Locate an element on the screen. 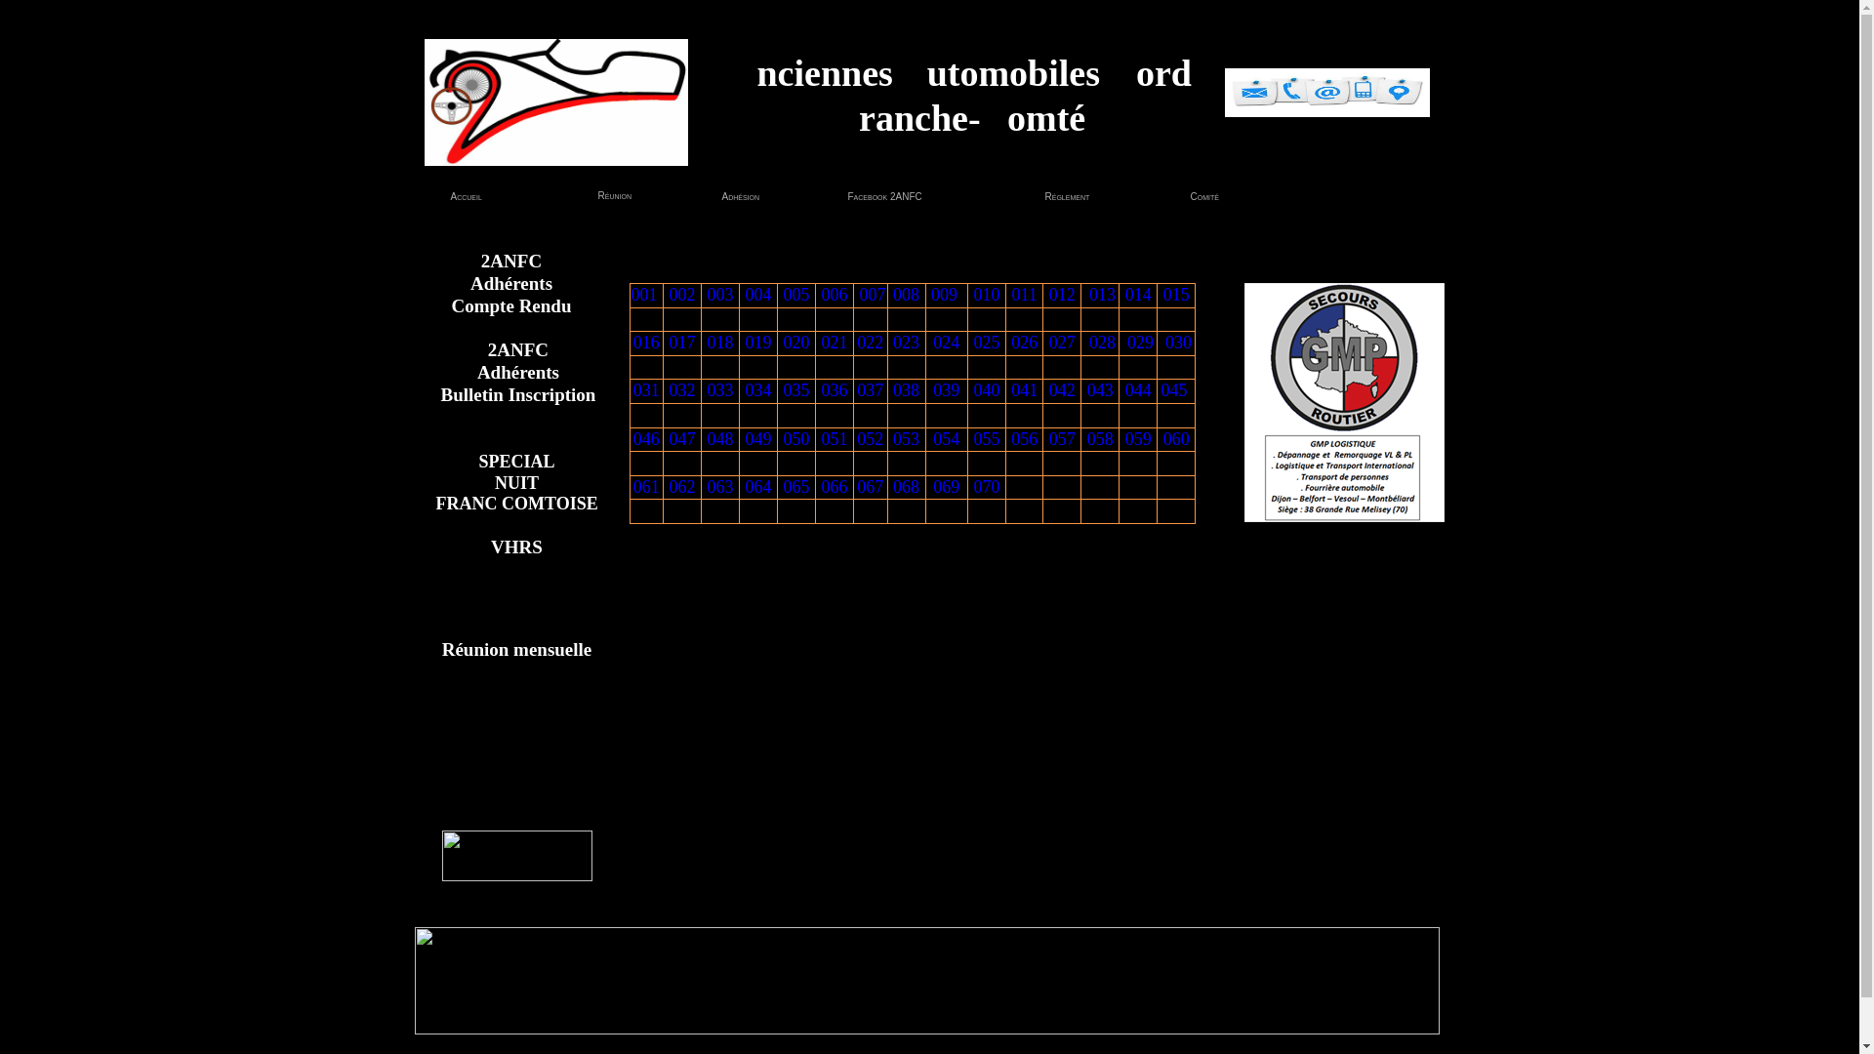 The width and height of the screenshot is (1874, 1054). '022' is located at coordinates (869, 342).